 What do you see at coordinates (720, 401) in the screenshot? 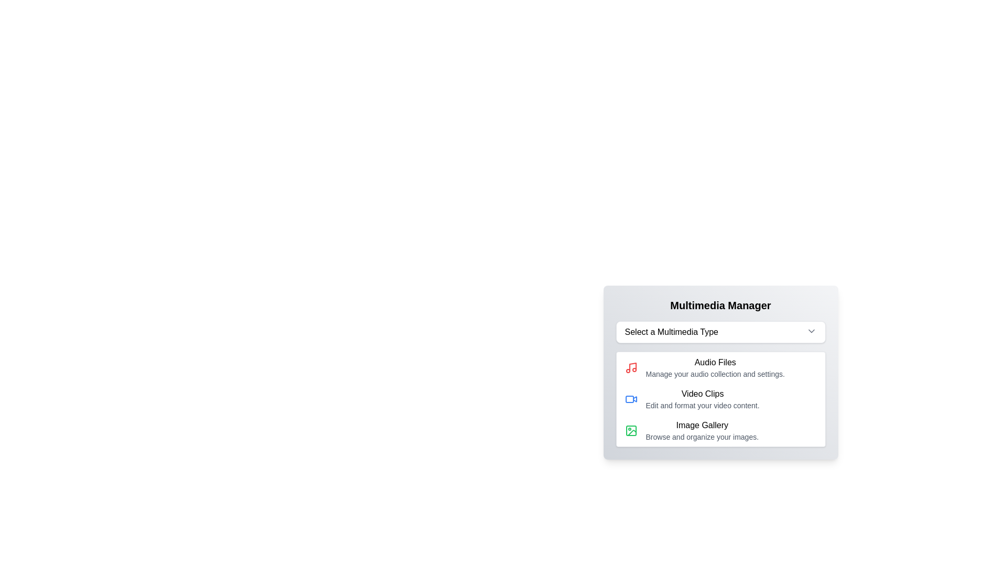
I see `the icons within the 'Multimedia Manager' module` at bounding box center [720, 401].